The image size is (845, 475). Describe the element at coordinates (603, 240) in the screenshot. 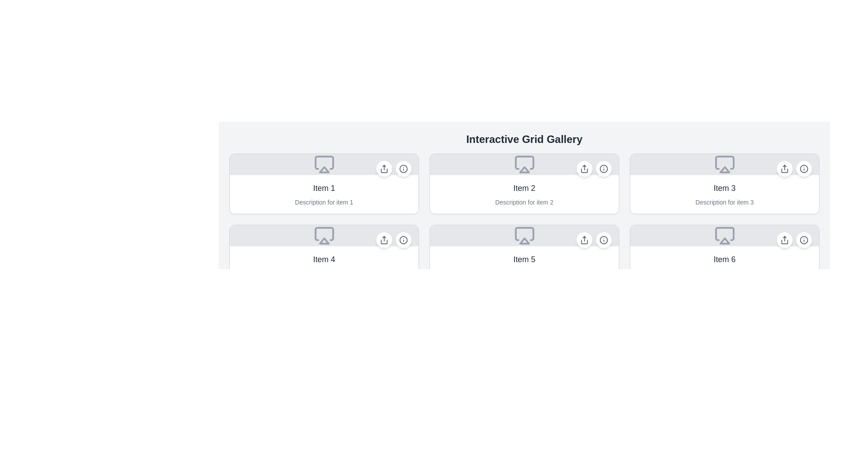

I see `the informational button, which is a circular icon with a white background and a gray 'i' inside, located at the top-right corner of the card labeled 'Item 5'` at that location.